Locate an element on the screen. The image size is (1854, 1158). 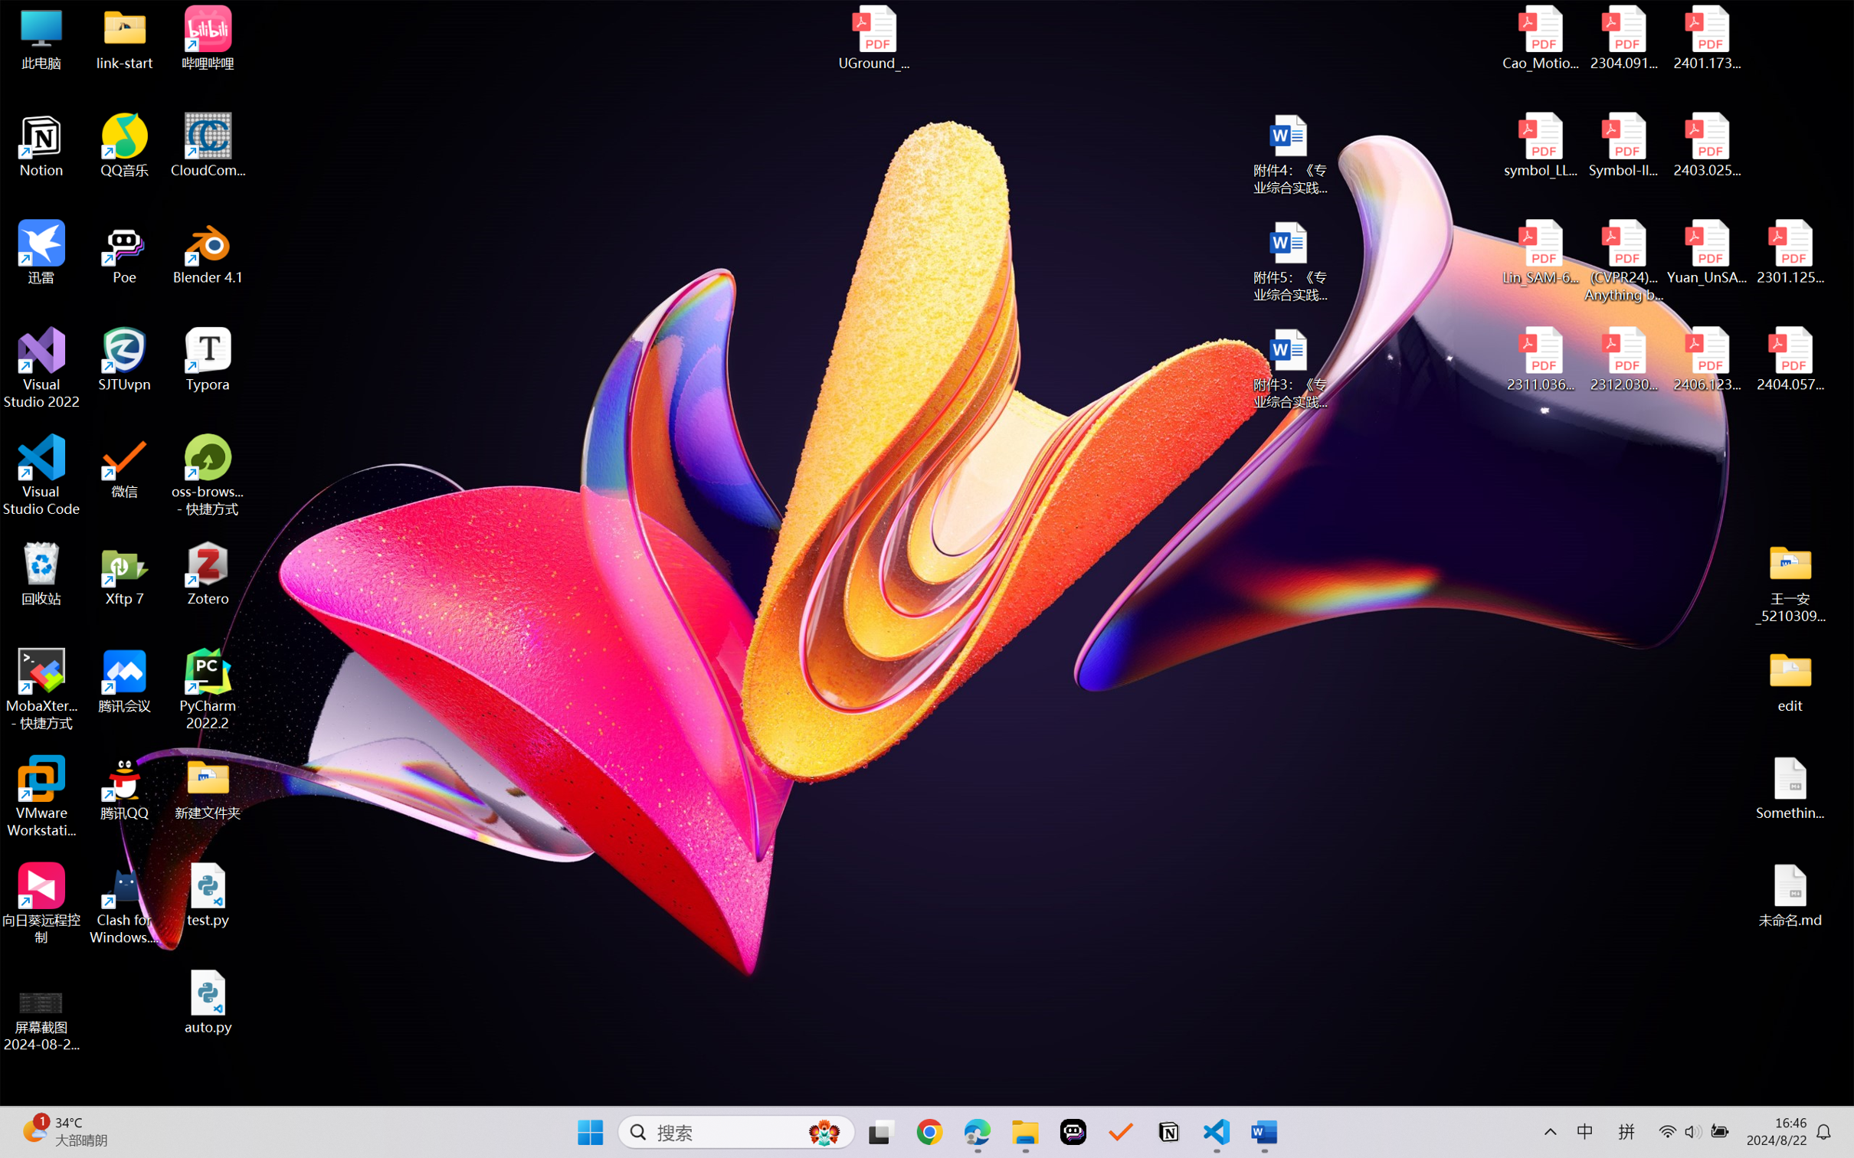
'Visual Studio Code' is located at coordinates (41, 474).